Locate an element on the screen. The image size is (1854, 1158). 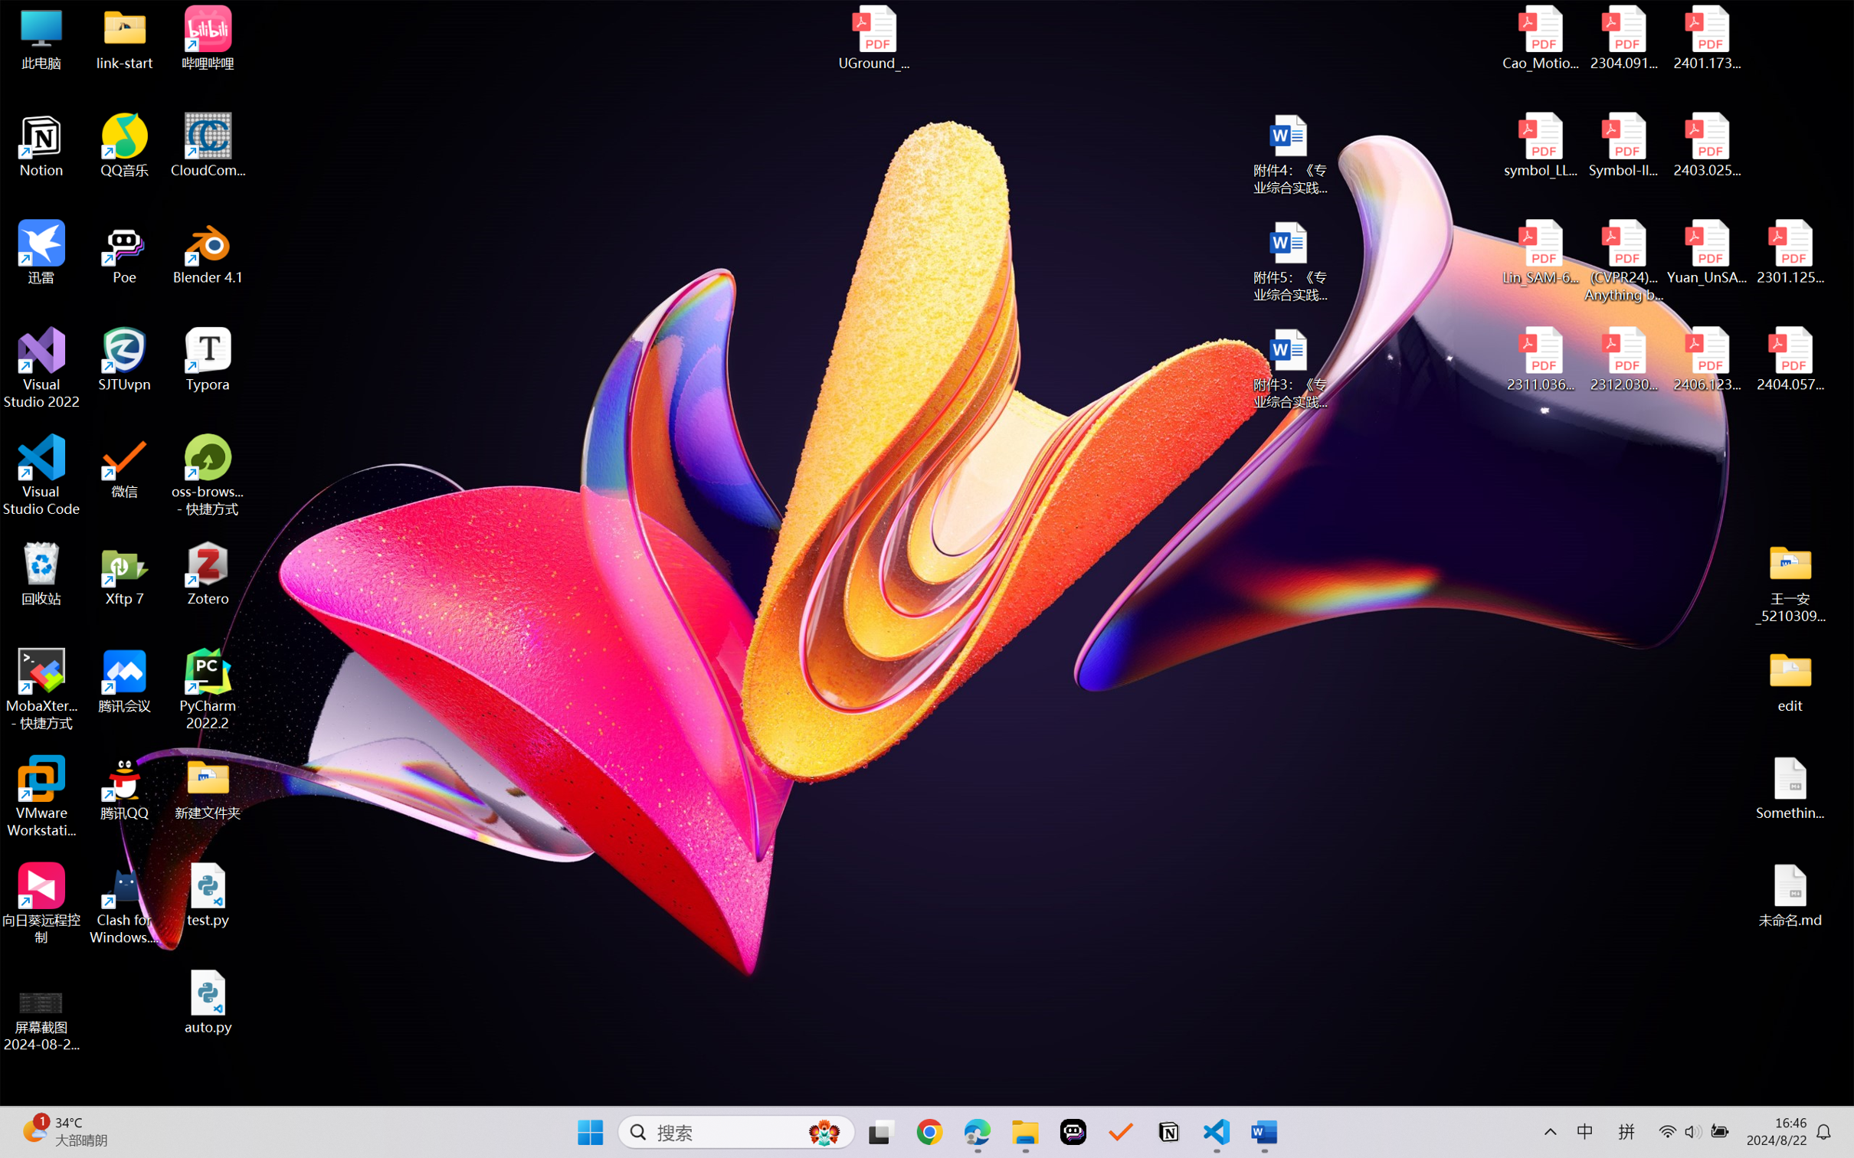
'Visual Studio Code' is located at coordinates (41, 474).